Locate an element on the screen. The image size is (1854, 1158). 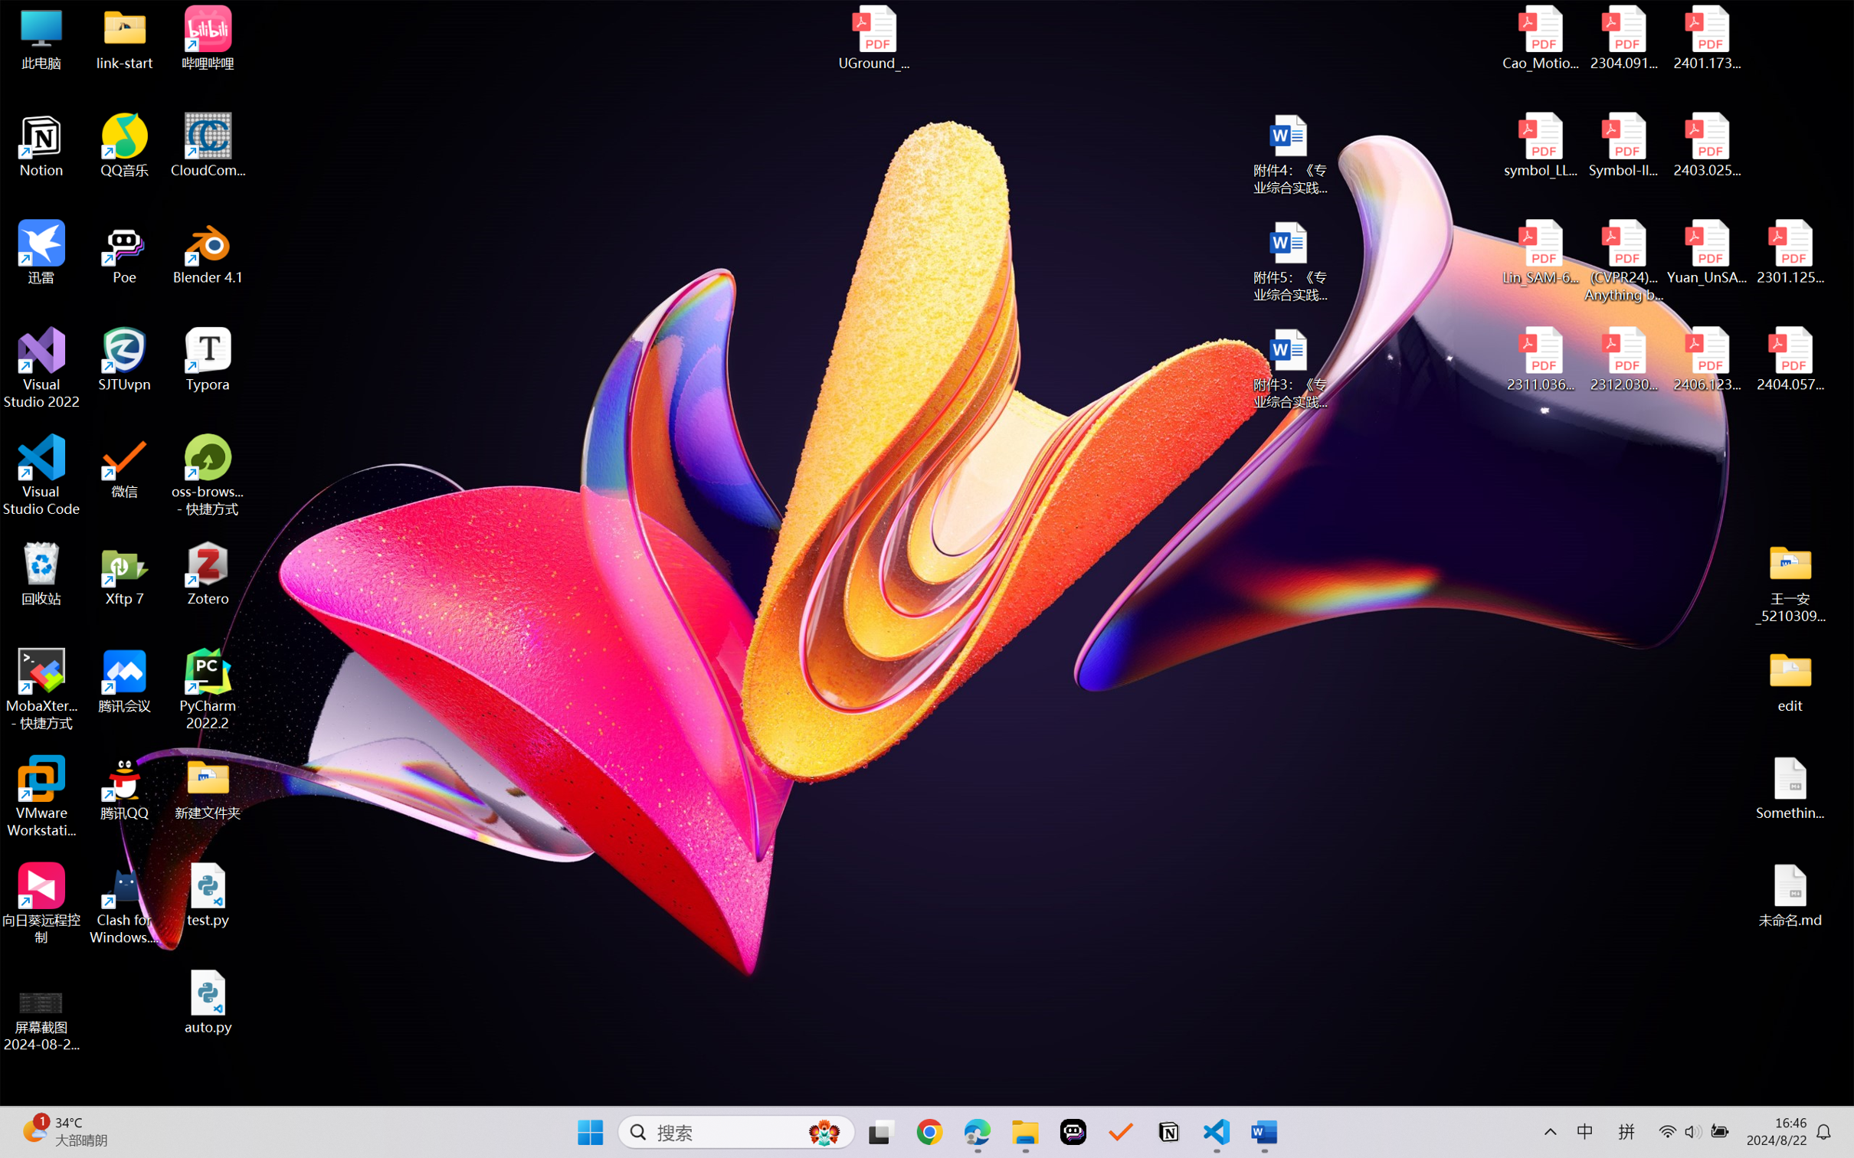
'Visual Studio Code' is located at coordinates (41, 474).